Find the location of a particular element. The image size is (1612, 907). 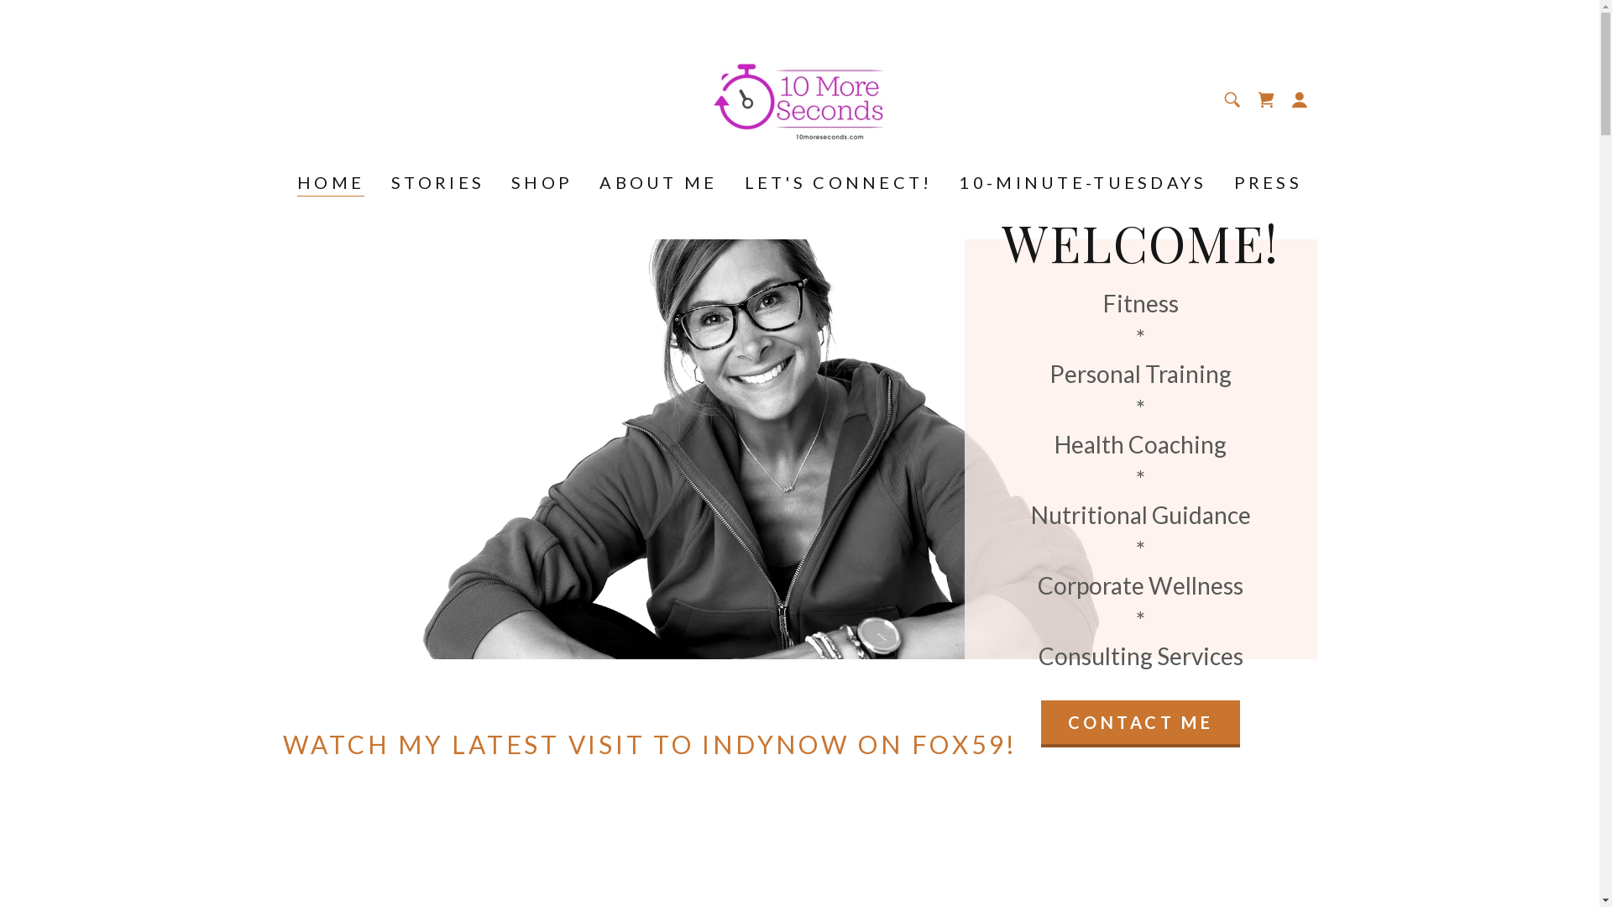

'SHOP' is located at coordinates (505, 181).